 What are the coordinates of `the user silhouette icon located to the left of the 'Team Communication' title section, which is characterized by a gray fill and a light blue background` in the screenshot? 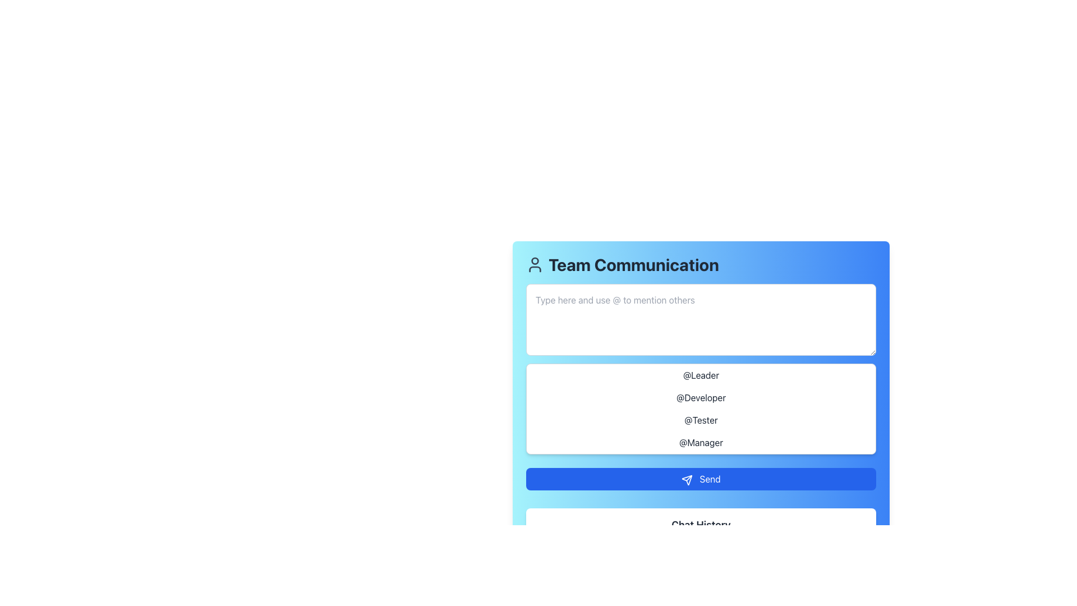 It's located at (535, 264).